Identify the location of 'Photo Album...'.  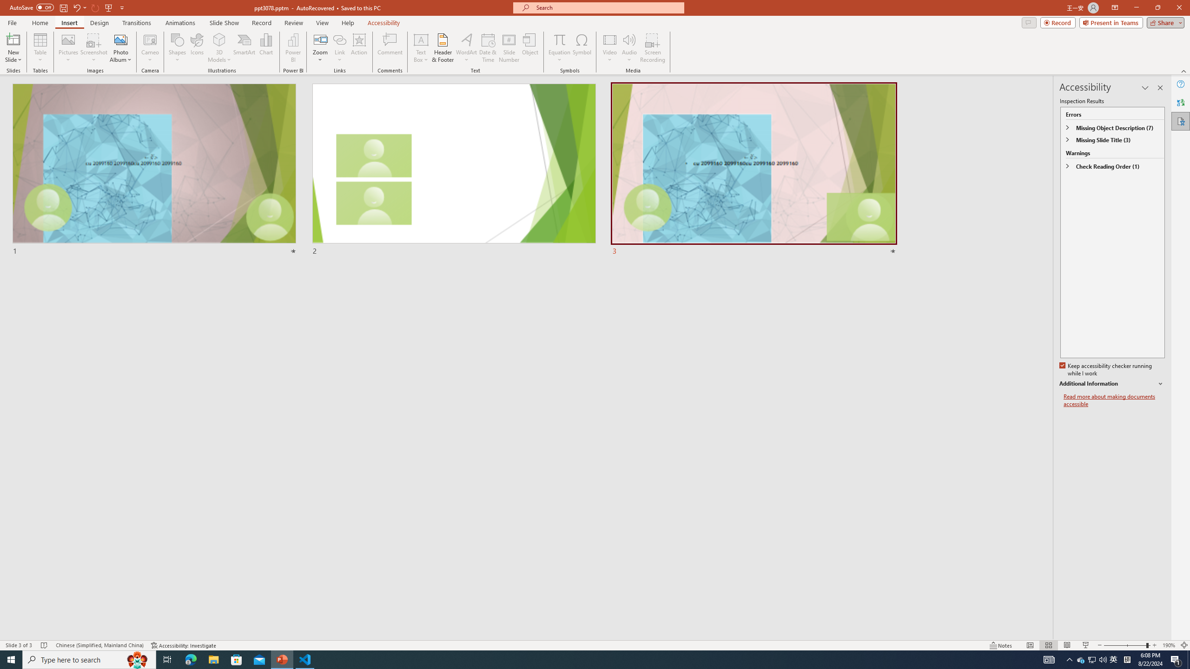
(120, 48).